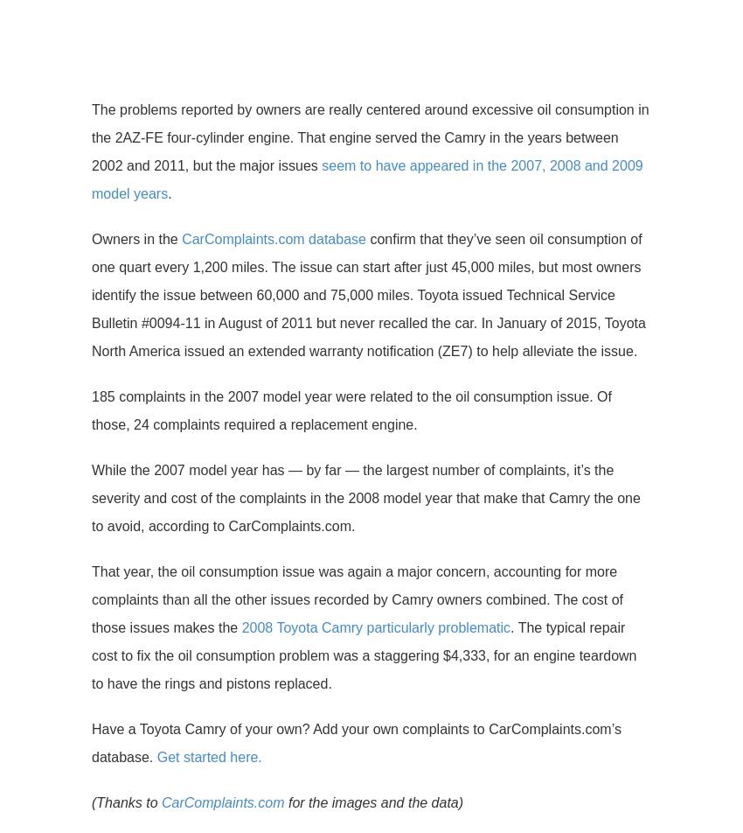 The width and height of the screenshot is (743, 833). I want to click on '.', so click(168, 193).